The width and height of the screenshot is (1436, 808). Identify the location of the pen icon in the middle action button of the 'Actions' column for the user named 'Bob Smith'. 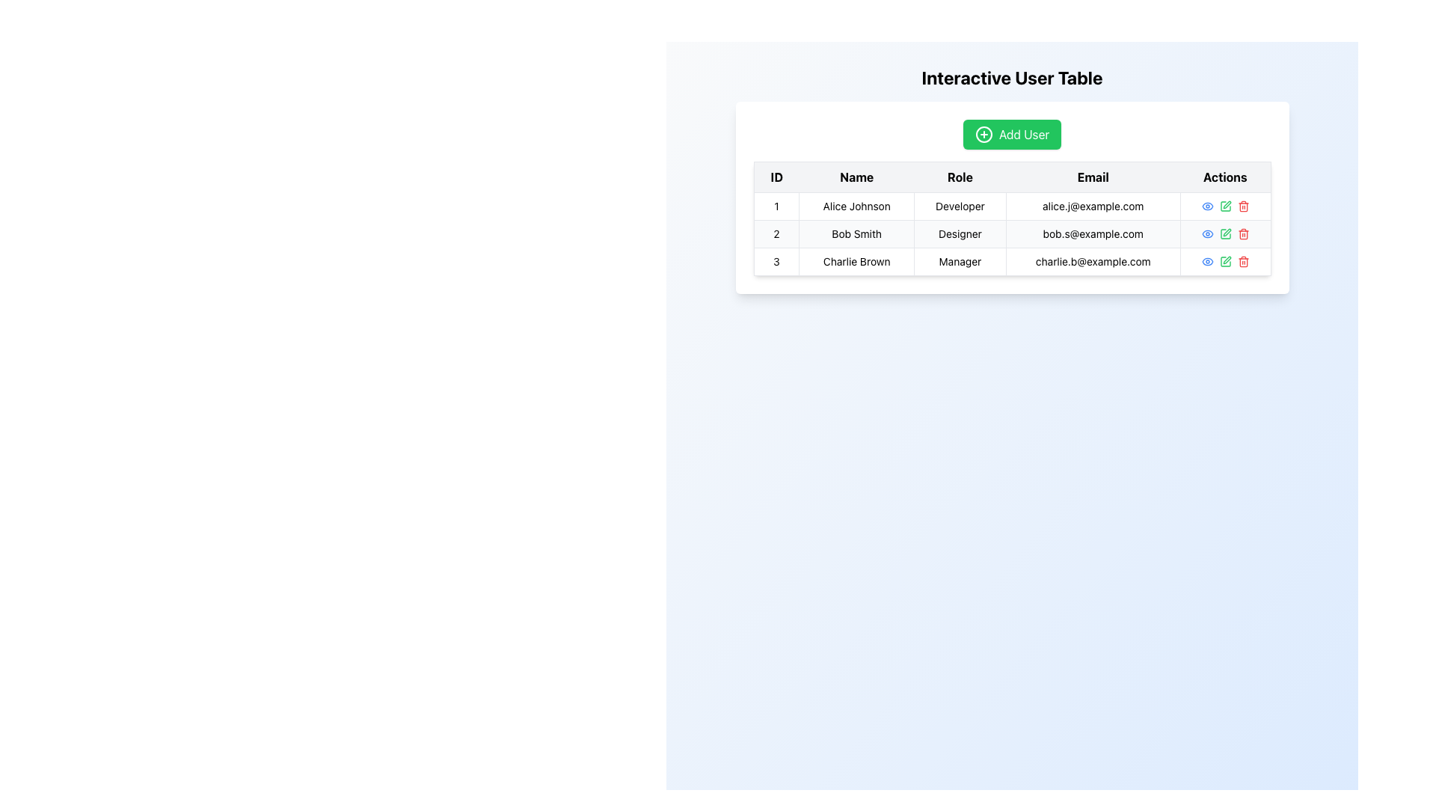
(1224, 206).